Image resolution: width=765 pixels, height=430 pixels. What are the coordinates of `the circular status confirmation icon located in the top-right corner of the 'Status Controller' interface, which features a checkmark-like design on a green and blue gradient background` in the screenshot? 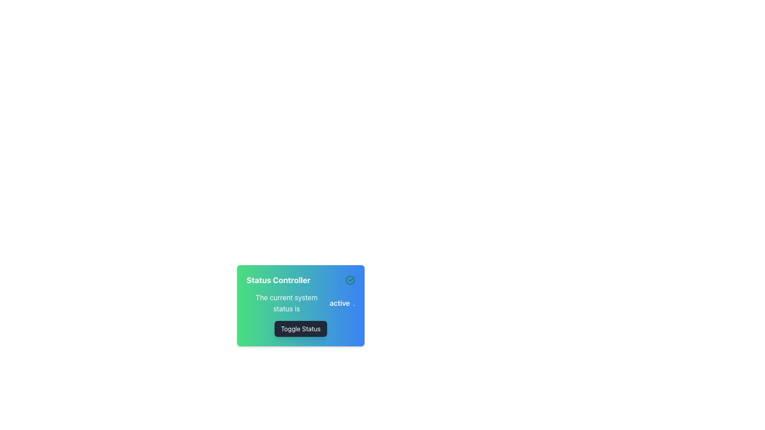 It's located at (350, 280).